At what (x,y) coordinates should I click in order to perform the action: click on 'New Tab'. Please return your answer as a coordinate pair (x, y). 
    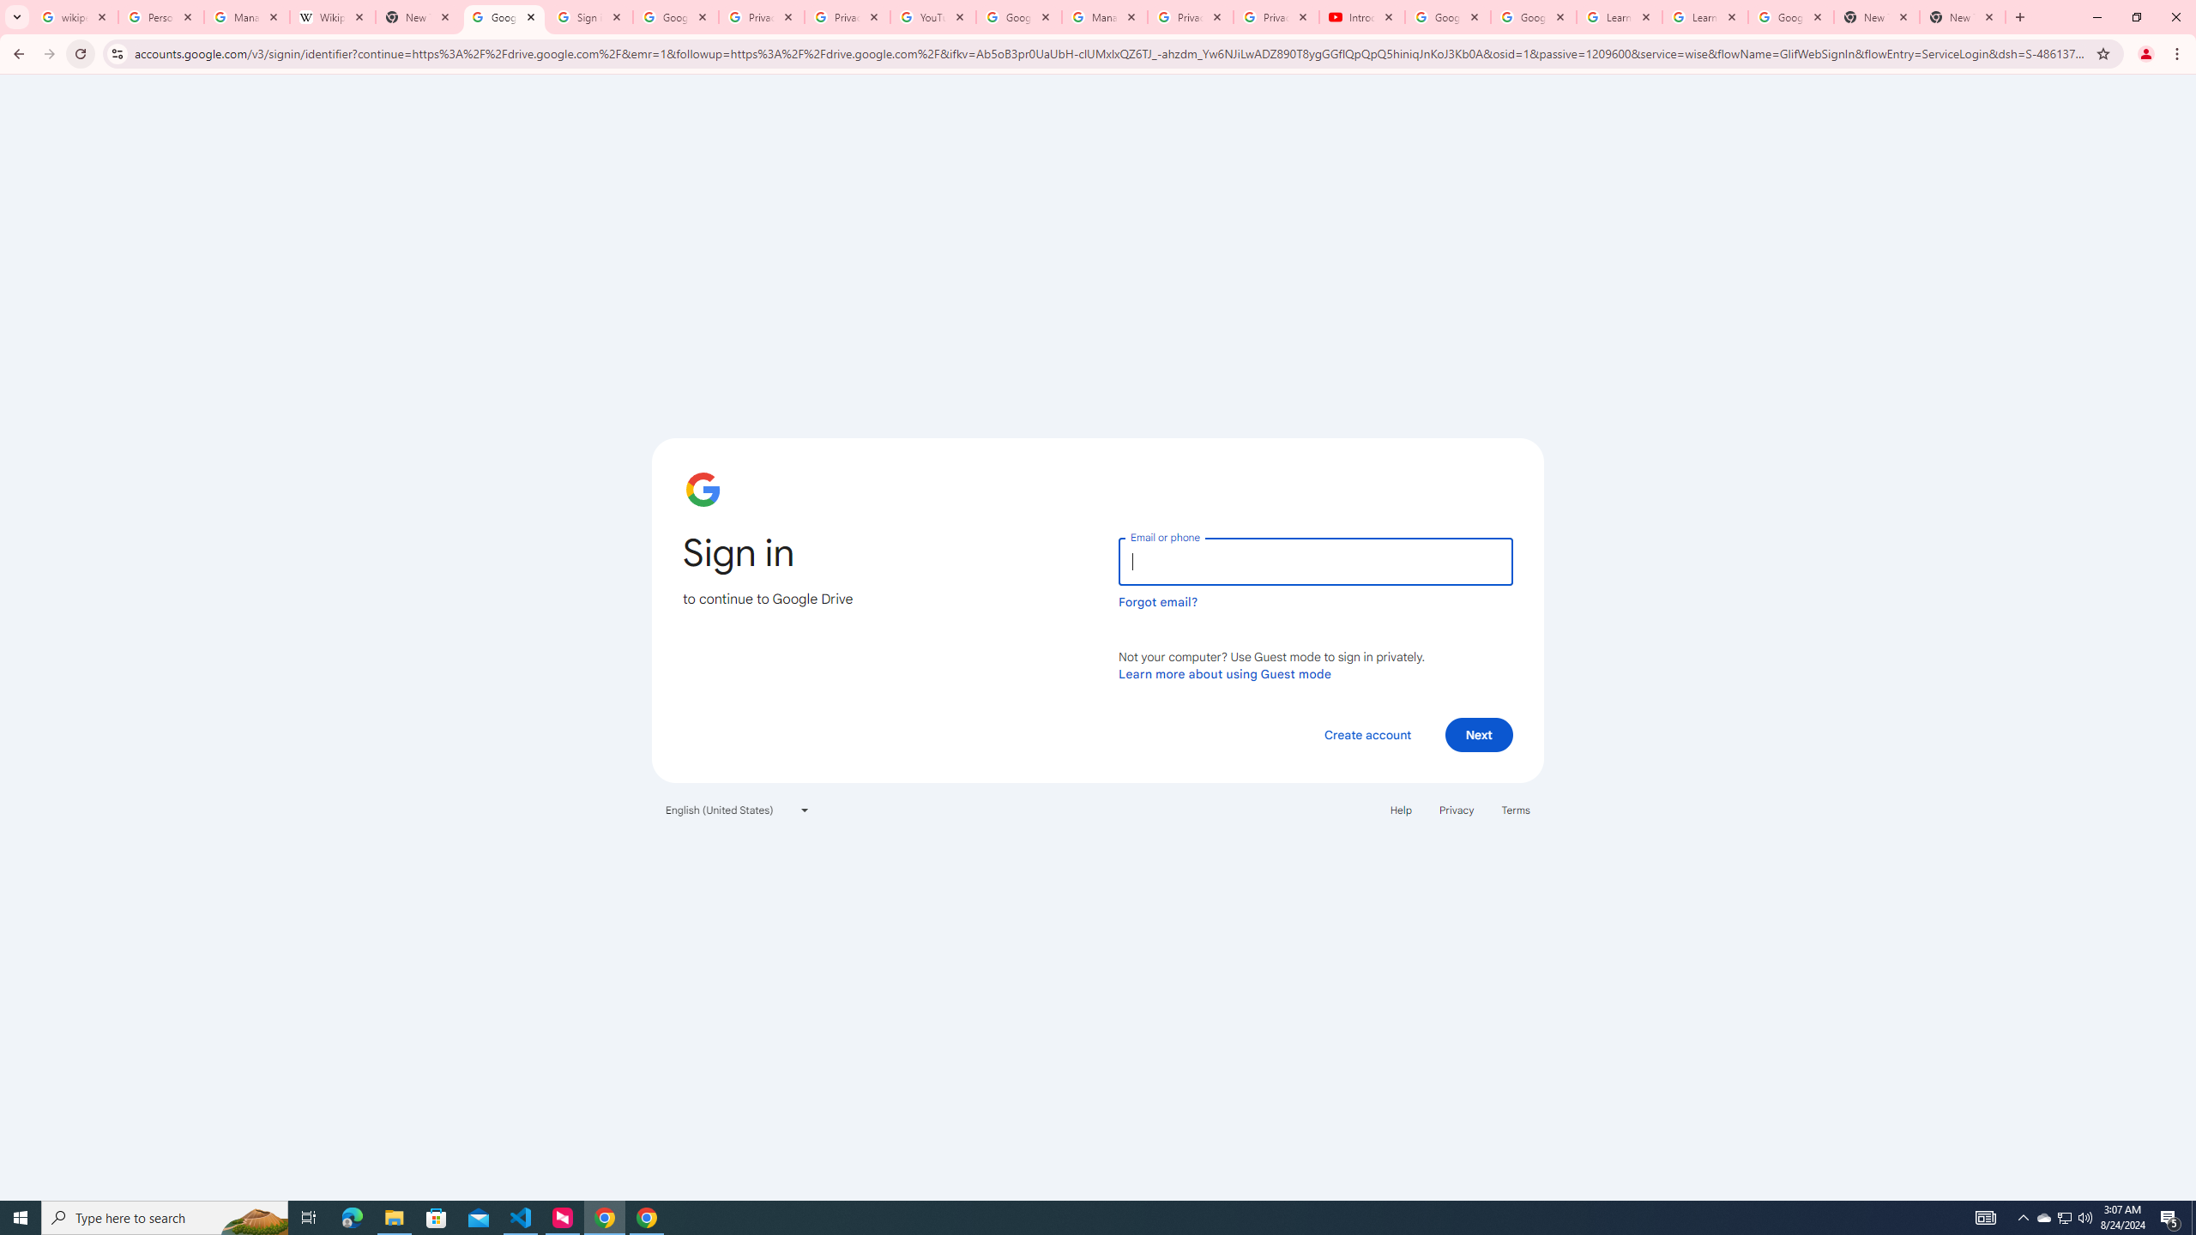
    Looking at the image, I should click on (1877, 16).